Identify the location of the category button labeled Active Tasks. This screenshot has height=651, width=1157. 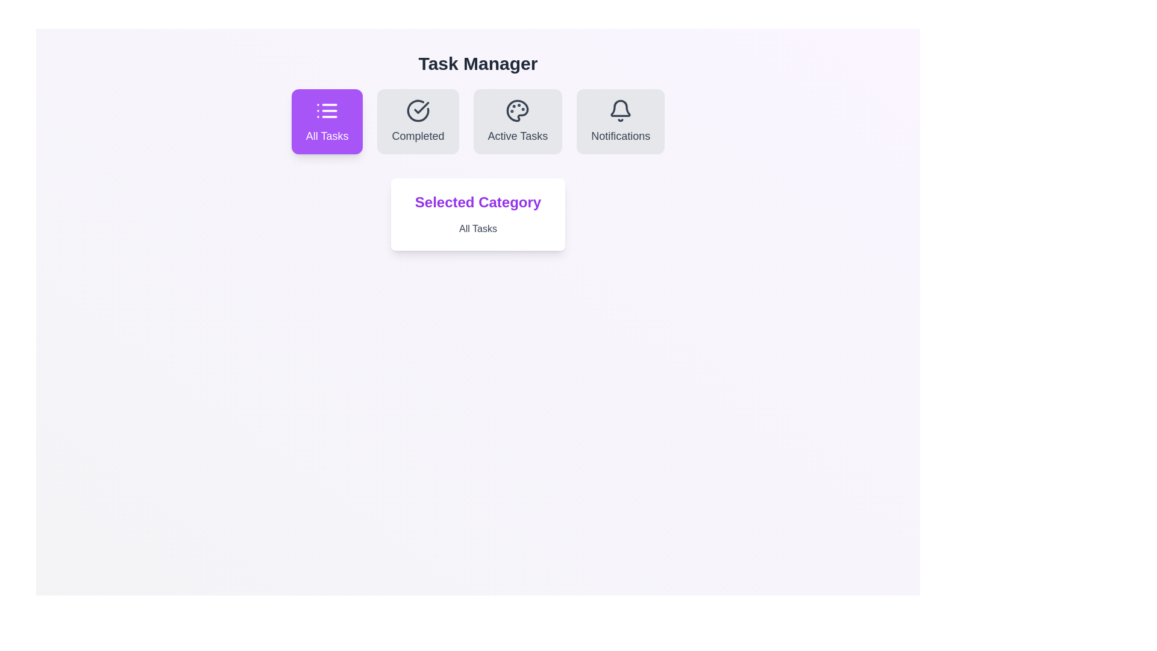
(518, 121).